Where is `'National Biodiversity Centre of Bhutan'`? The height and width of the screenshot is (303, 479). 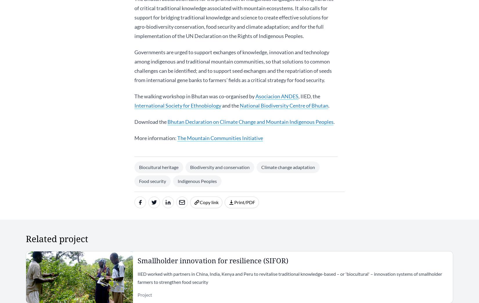 'National Biodiversity Centre of Bhutan' is located at coordinates (284, 105).